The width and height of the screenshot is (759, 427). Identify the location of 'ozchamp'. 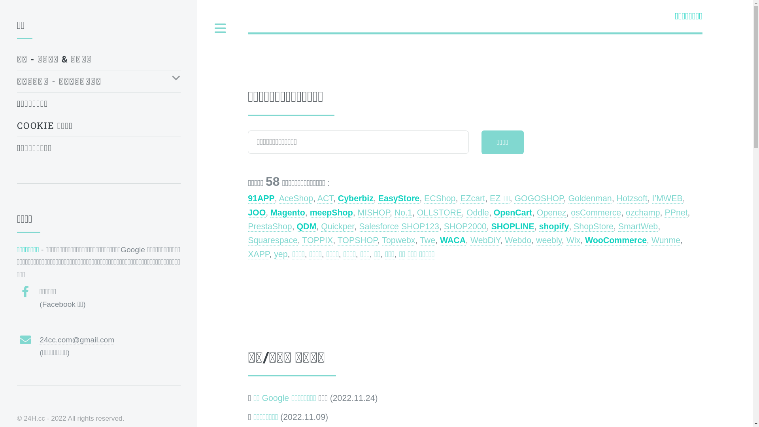
(643, 212).